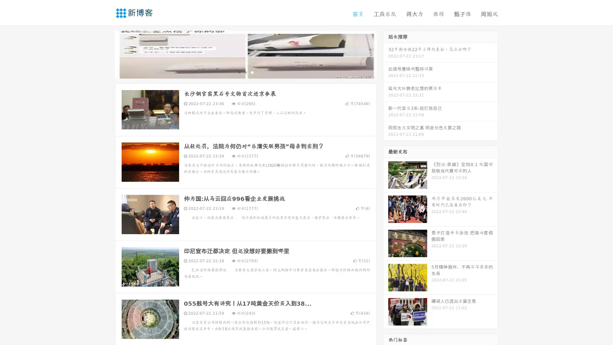 The width and height of the screenshot is (613, 345). What do you see at coordinates (386, 54) in the screenshot?
I see `Next slide` at bounding box center [386, 54].